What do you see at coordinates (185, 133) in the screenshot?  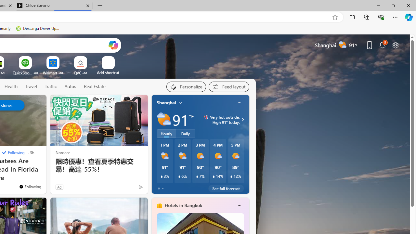 I see `'Daily'` at bounding box center [185, 133].